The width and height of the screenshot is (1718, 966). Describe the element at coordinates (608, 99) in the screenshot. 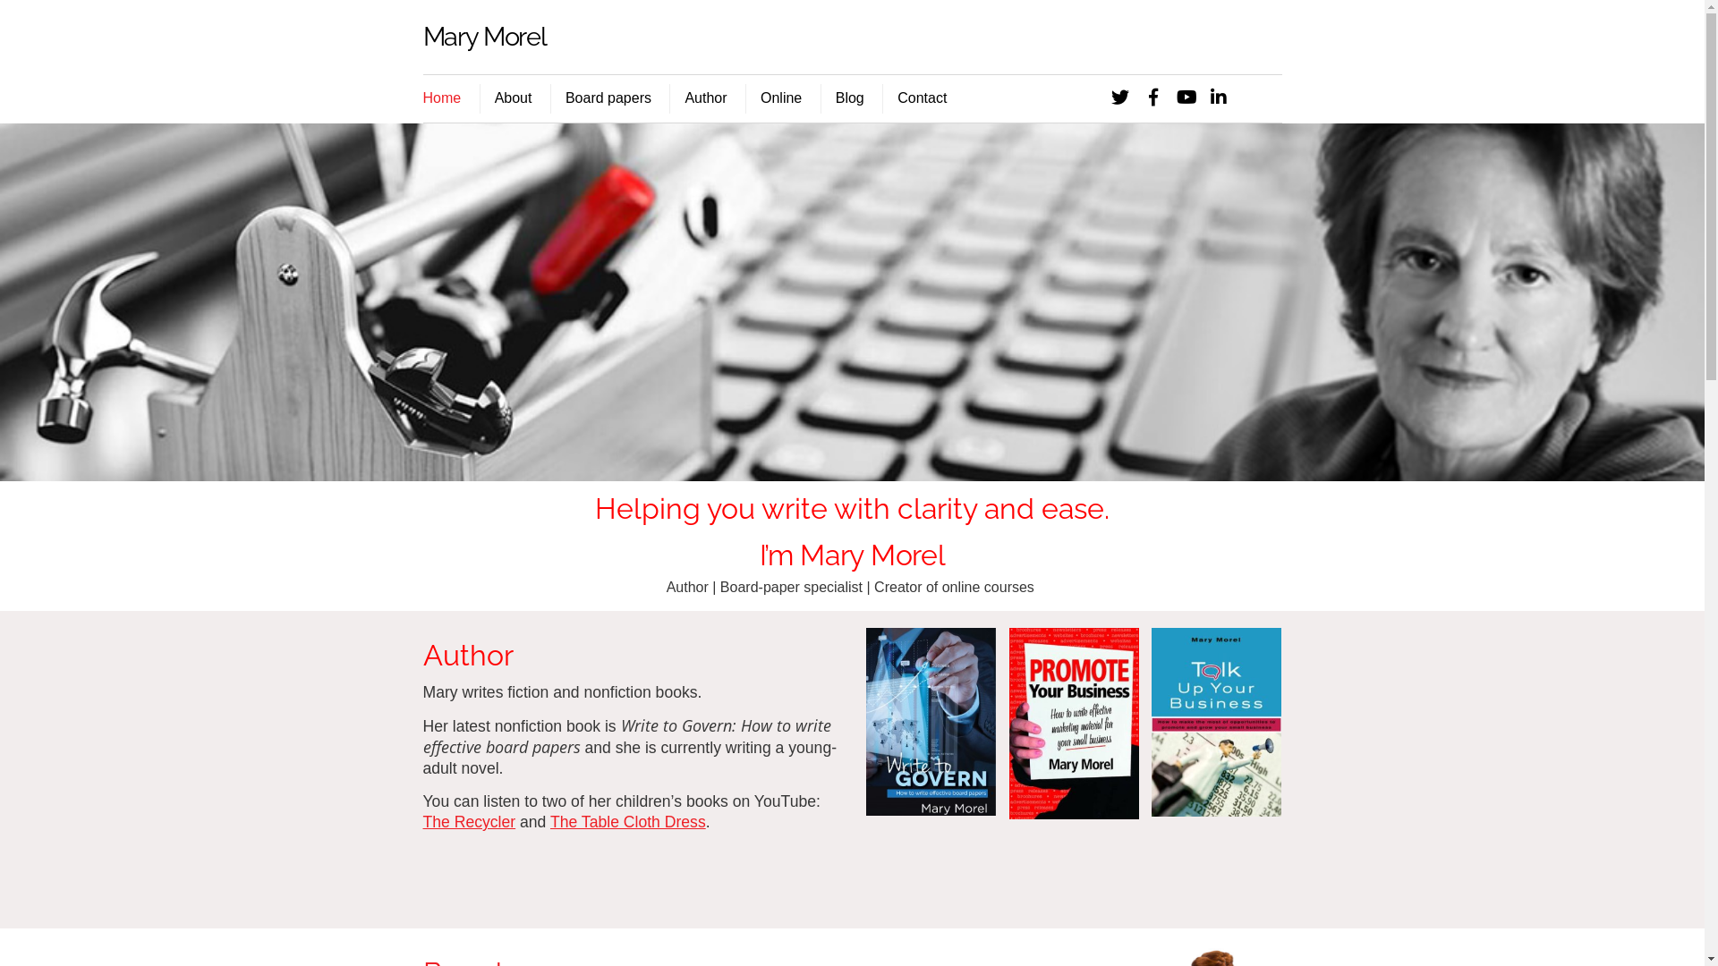

I see `'Board papers'` at that location.